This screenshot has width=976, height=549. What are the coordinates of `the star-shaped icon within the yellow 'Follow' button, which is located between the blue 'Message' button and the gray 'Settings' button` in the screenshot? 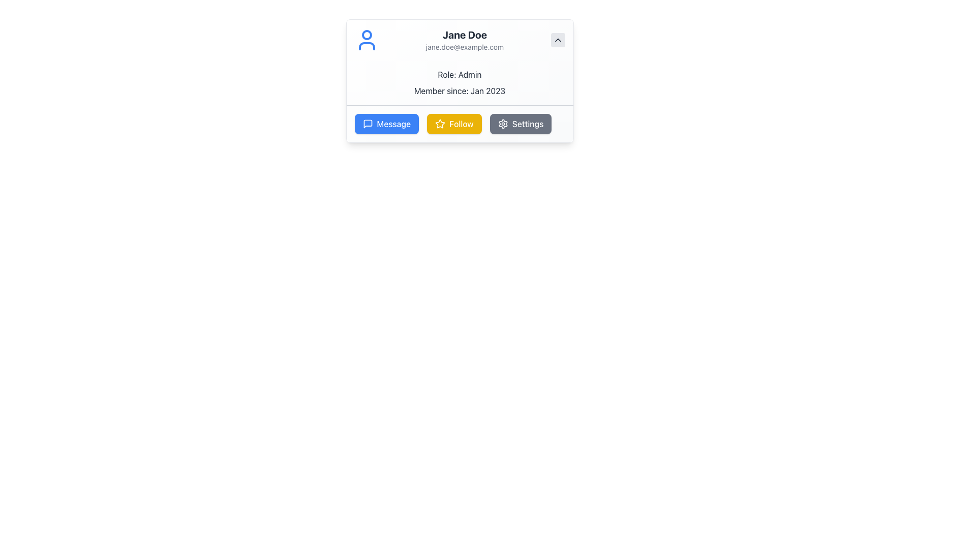 It's located at (440, 123).